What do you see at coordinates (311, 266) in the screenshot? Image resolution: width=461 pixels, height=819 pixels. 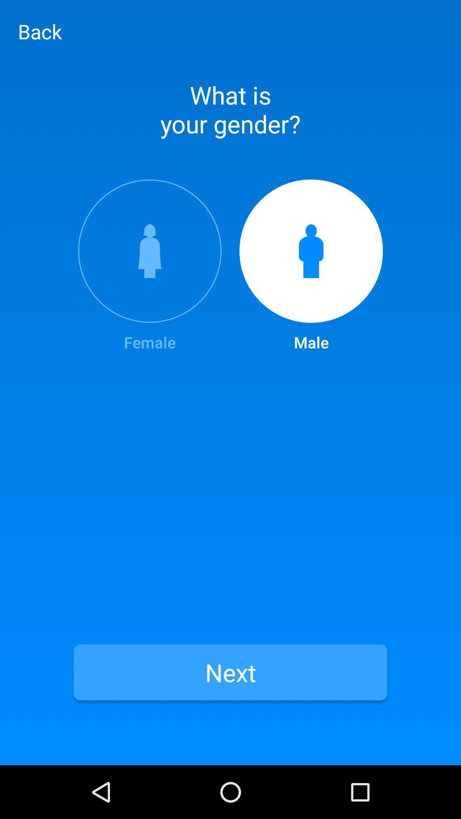 I see `the item next to female item` at bounding box center [311, 266].